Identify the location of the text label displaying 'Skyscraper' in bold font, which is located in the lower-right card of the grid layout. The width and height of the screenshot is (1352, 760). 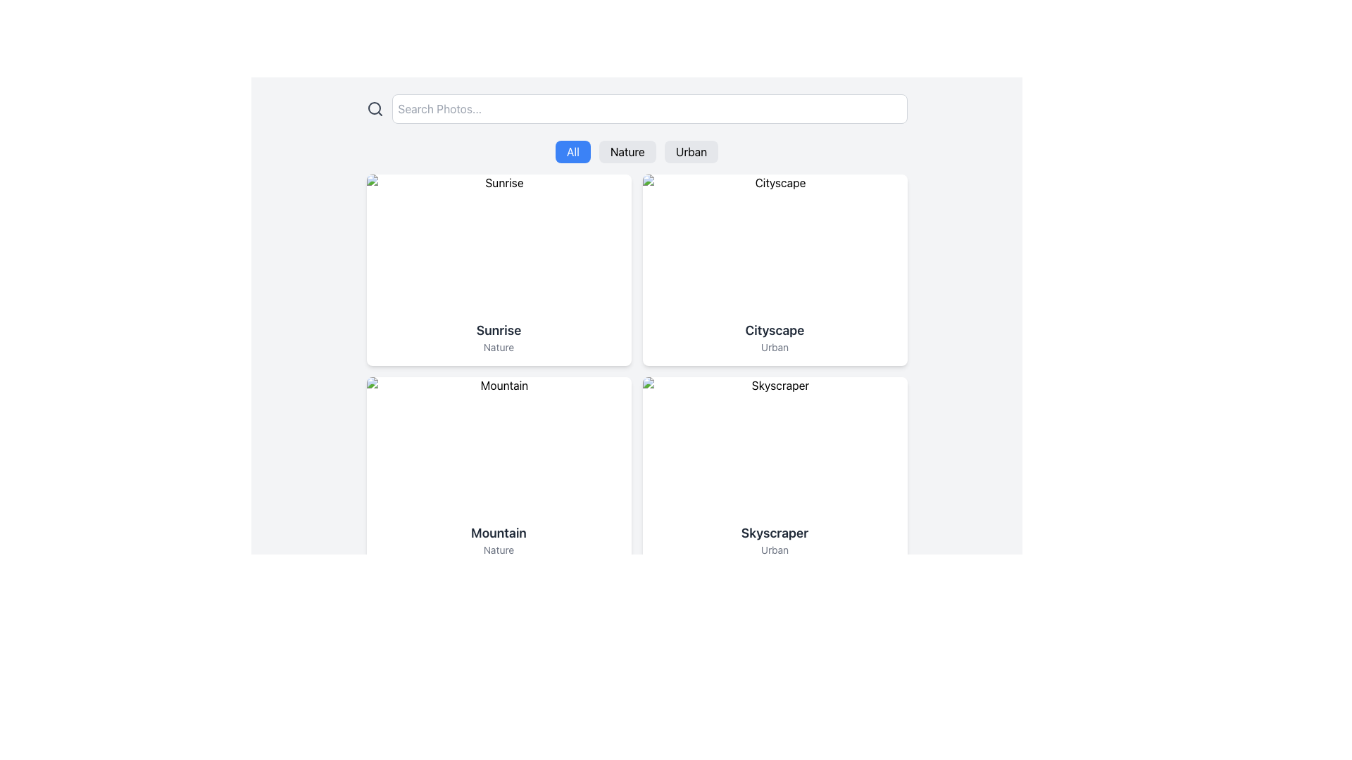
(774, 533).